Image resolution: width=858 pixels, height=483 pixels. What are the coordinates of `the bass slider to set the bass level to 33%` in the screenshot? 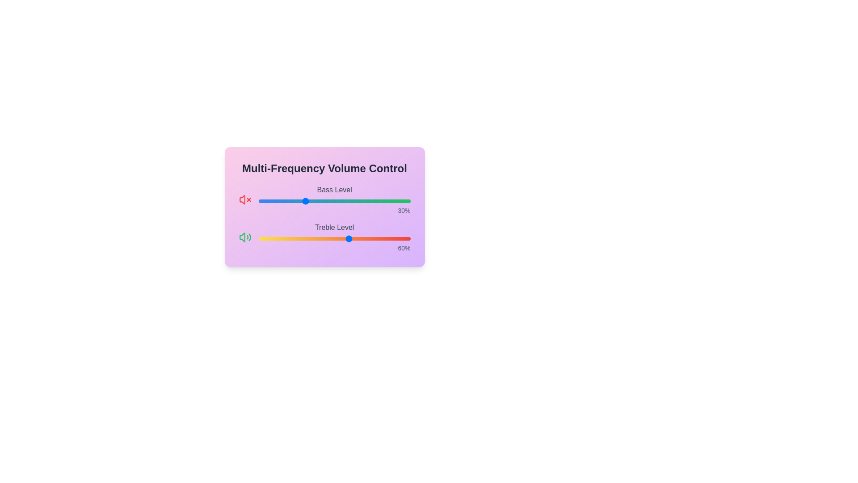 It's located at (308, 201).